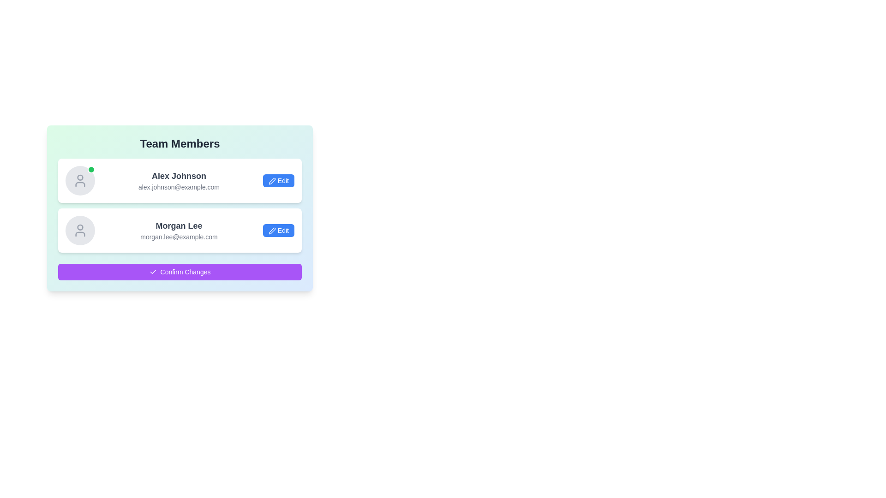  Describe the element at coordinates (278, 230) in the screenshot. I see `the 'Edit' button with a blue background and a pen icon on the left, located in the bottom-right corner of the card for user 'Morgan Lee'` at that location.